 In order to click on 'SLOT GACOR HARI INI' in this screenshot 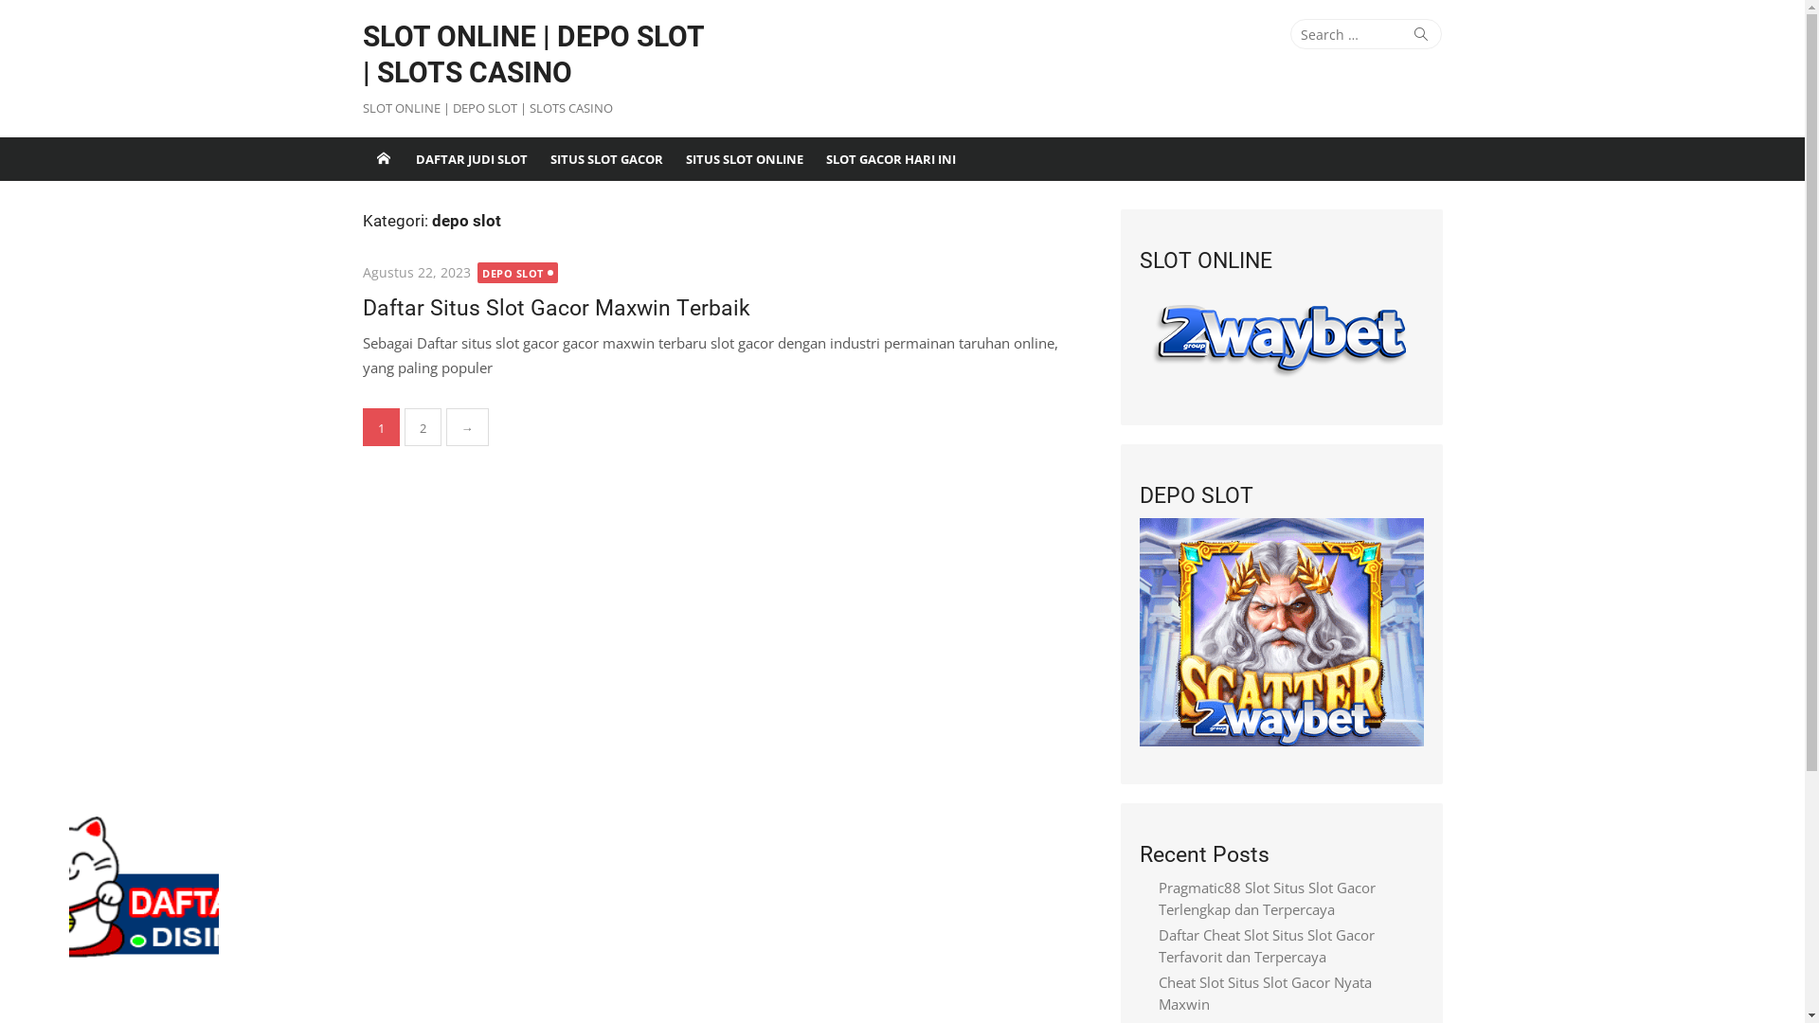, I will do `click(814, 158)`.